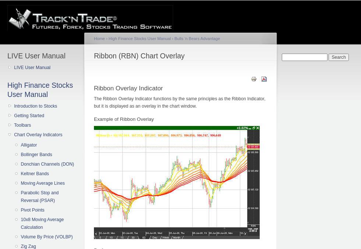 The height and width of the screenshot is (249, 361). I want to click on 'Parabolic Stop and Reversal (PSAR)', so click(39, 196).